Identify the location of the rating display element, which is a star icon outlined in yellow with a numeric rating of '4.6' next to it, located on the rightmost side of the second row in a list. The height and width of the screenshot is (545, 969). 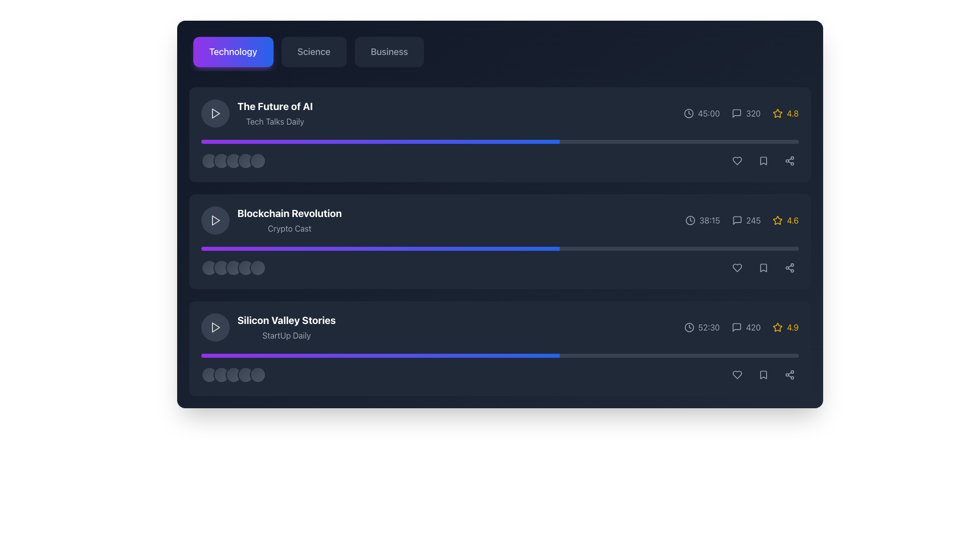
(785, 220).